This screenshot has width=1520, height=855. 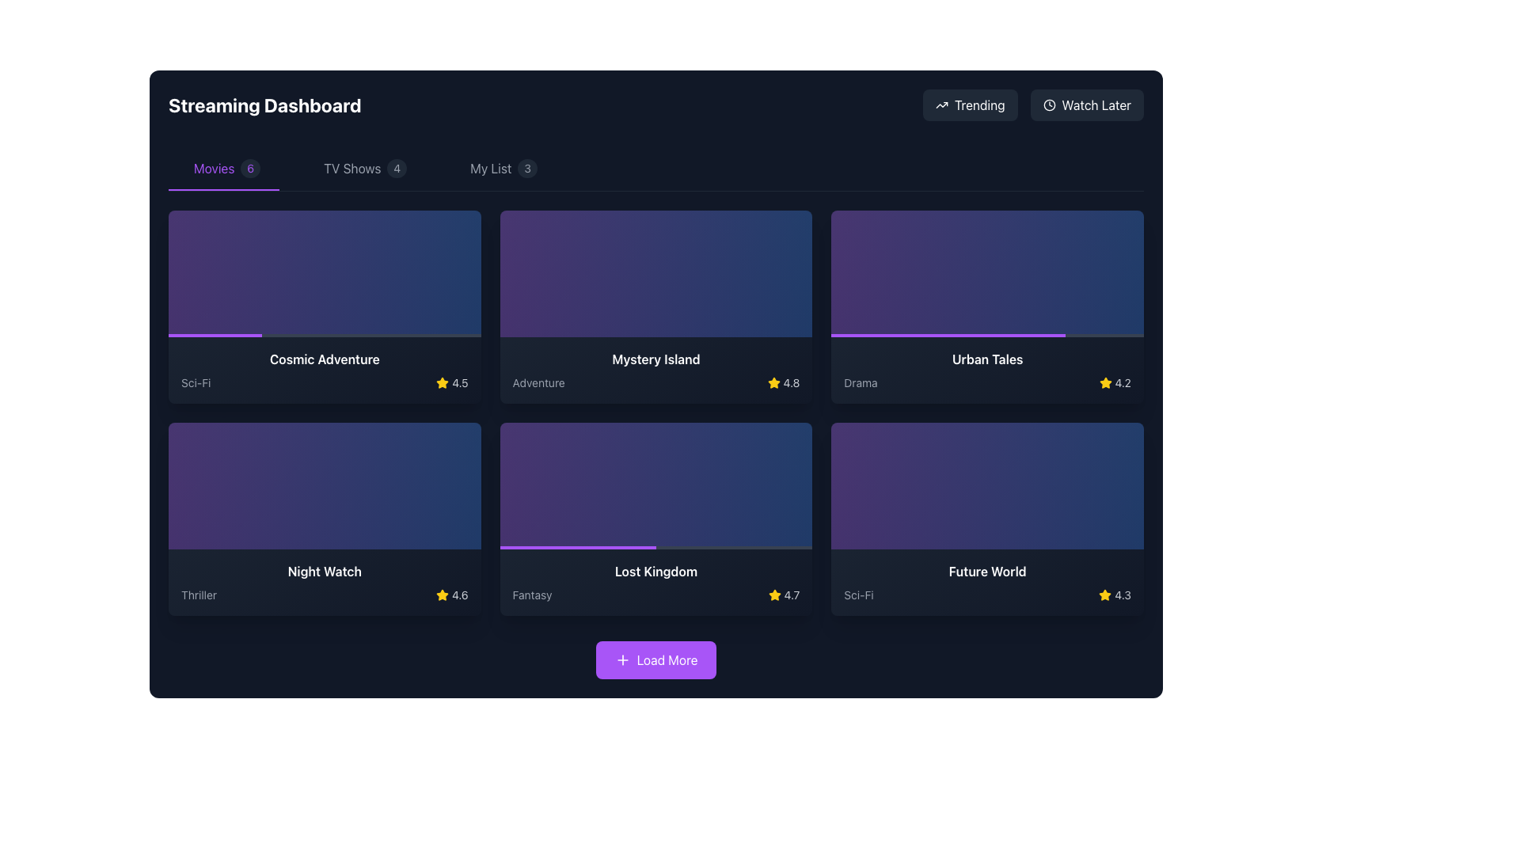 I want to click on the 'Trending' text label in the navigation bar, so click(x=978, y=104).